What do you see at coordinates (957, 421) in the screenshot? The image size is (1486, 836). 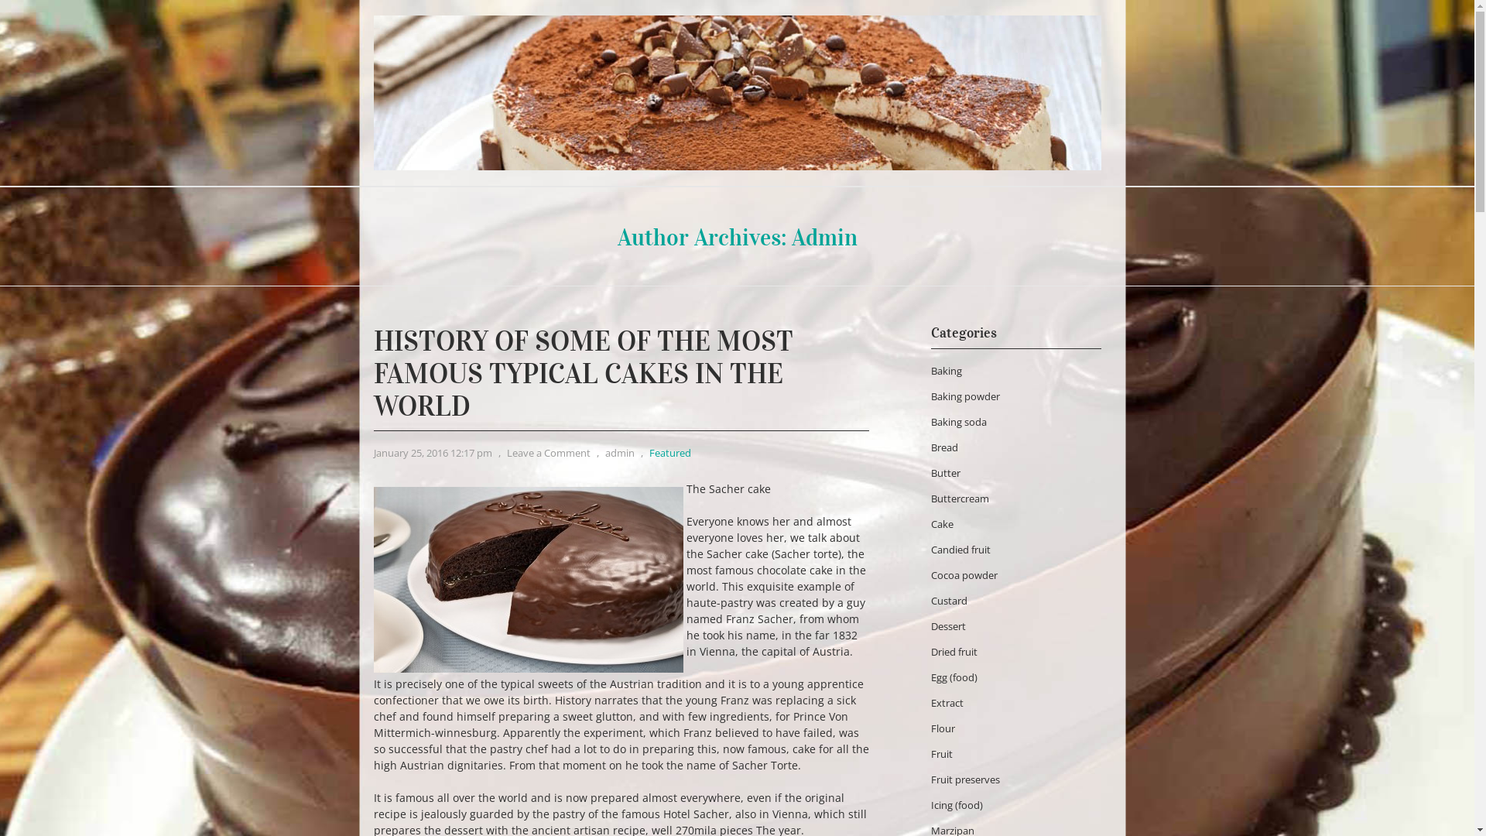 I see `'Baking soda'` at bounding box center [957, 421].